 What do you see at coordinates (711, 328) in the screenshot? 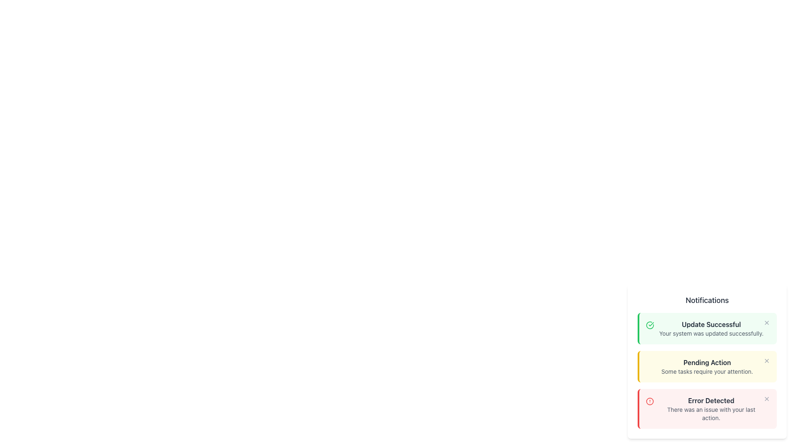
I see `the text block element that displays 'Update Successful' and indicates a successful system update, located at the top right of the interface` at bounding box center [711, 328].